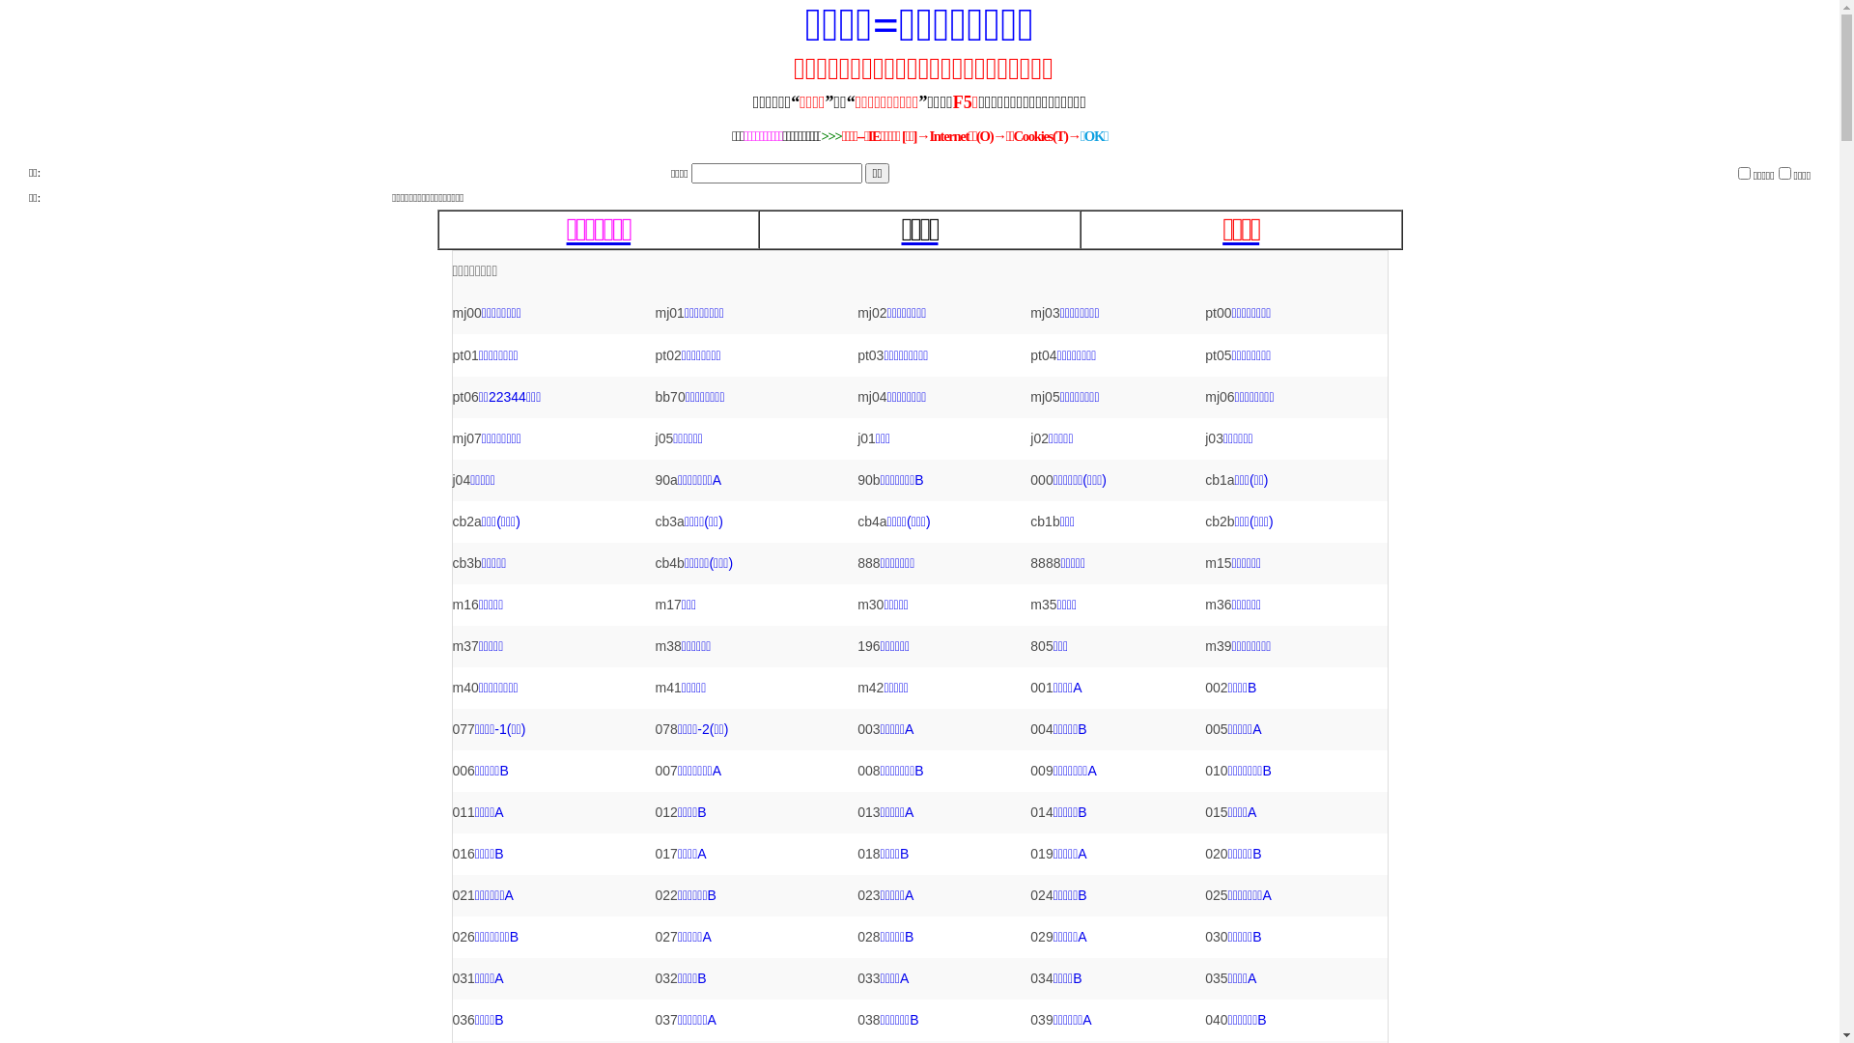  What do you see at coordinates (462, 729) in the screenshot?
I see `'077'` at bounding box center [462, 729].